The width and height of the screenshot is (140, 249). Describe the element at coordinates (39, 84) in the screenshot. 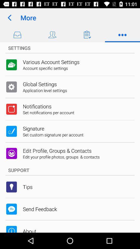

I see `the app above the application level settings app` at that location.